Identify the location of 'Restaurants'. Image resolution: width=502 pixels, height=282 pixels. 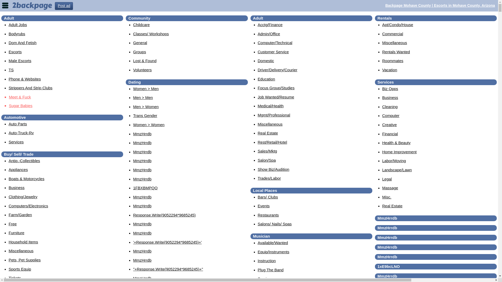
(268, 215).